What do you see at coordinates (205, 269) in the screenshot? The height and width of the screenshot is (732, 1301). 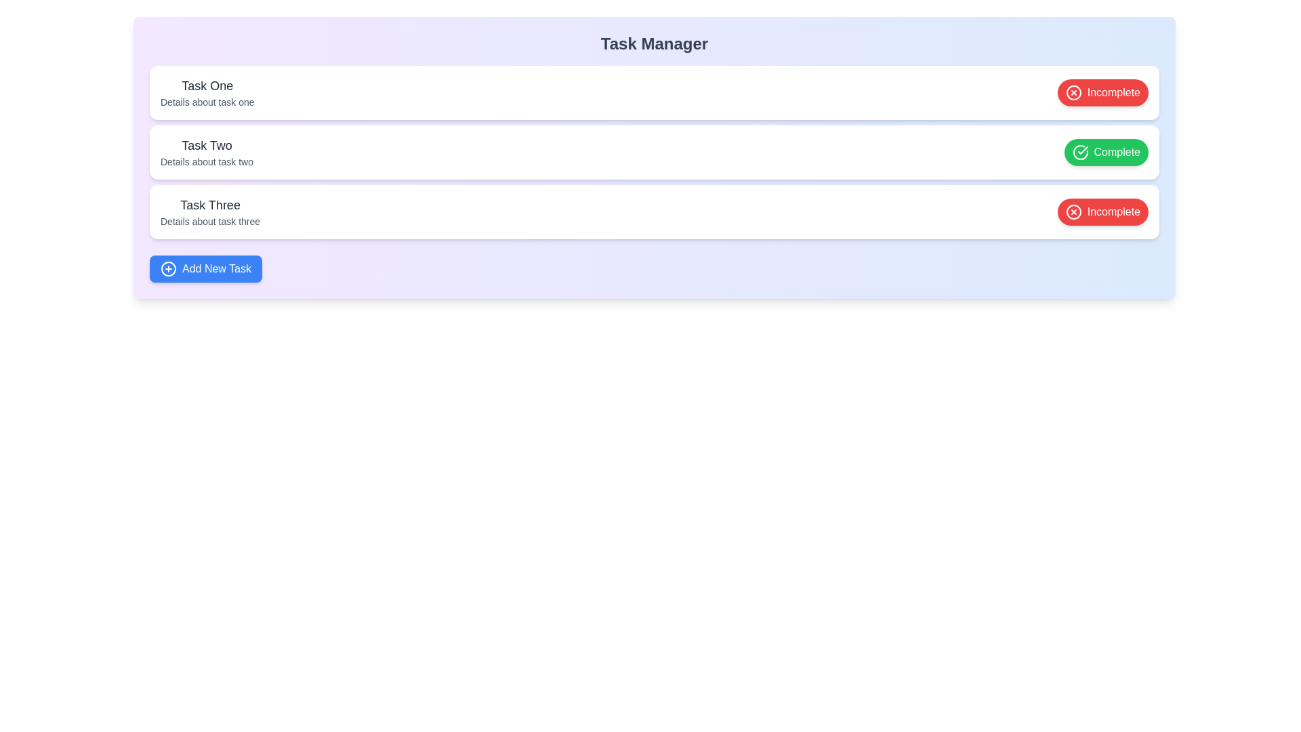 I see `the 'Add New Task' button to initiate the task addition process` at bounding box center [205, 269].